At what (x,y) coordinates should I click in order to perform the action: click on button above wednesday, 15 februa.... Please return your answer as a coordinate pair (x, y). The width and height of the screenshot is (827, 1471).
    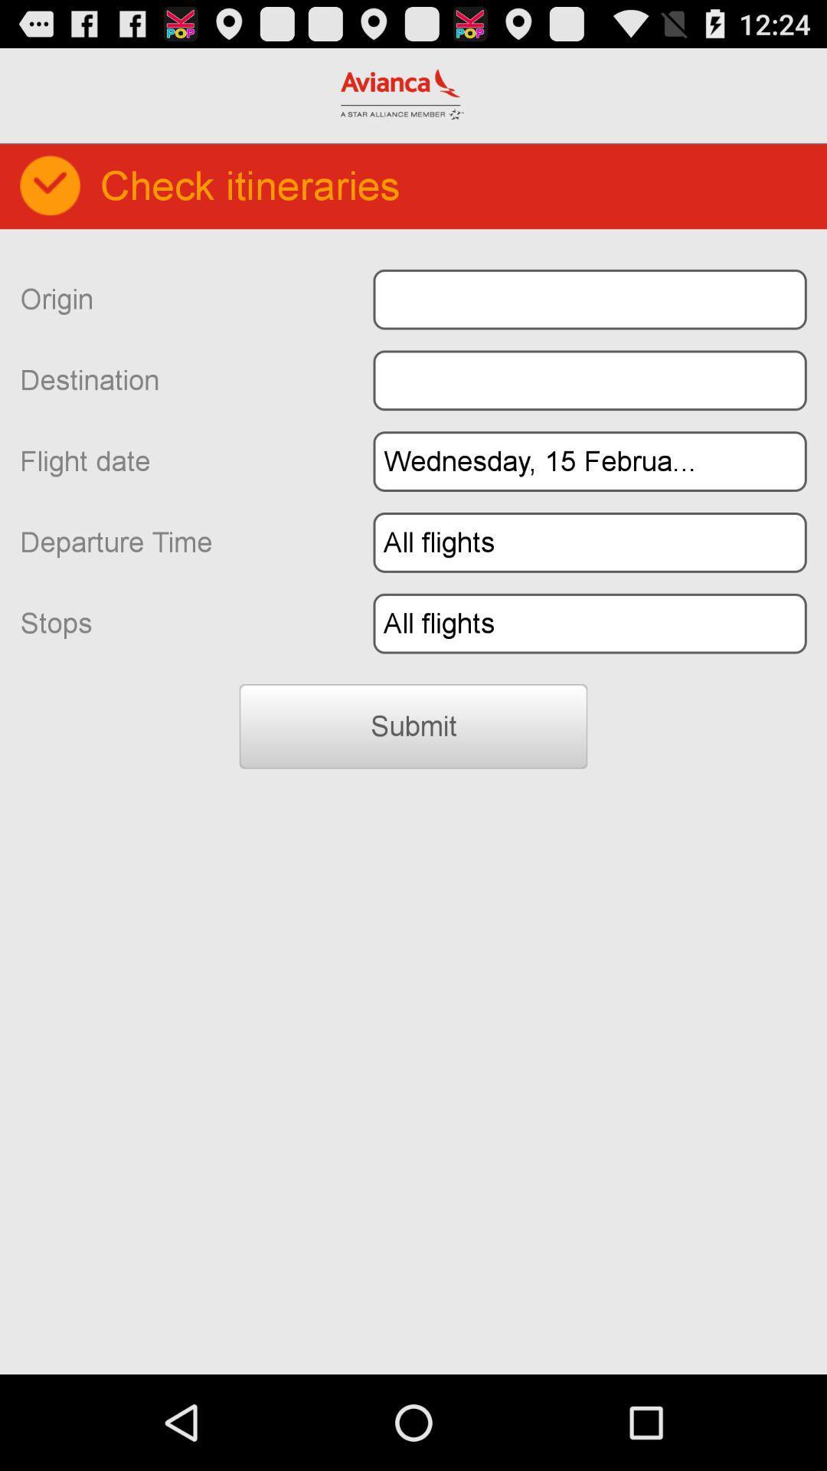
    Looking at the image, I should click on (589, 380).